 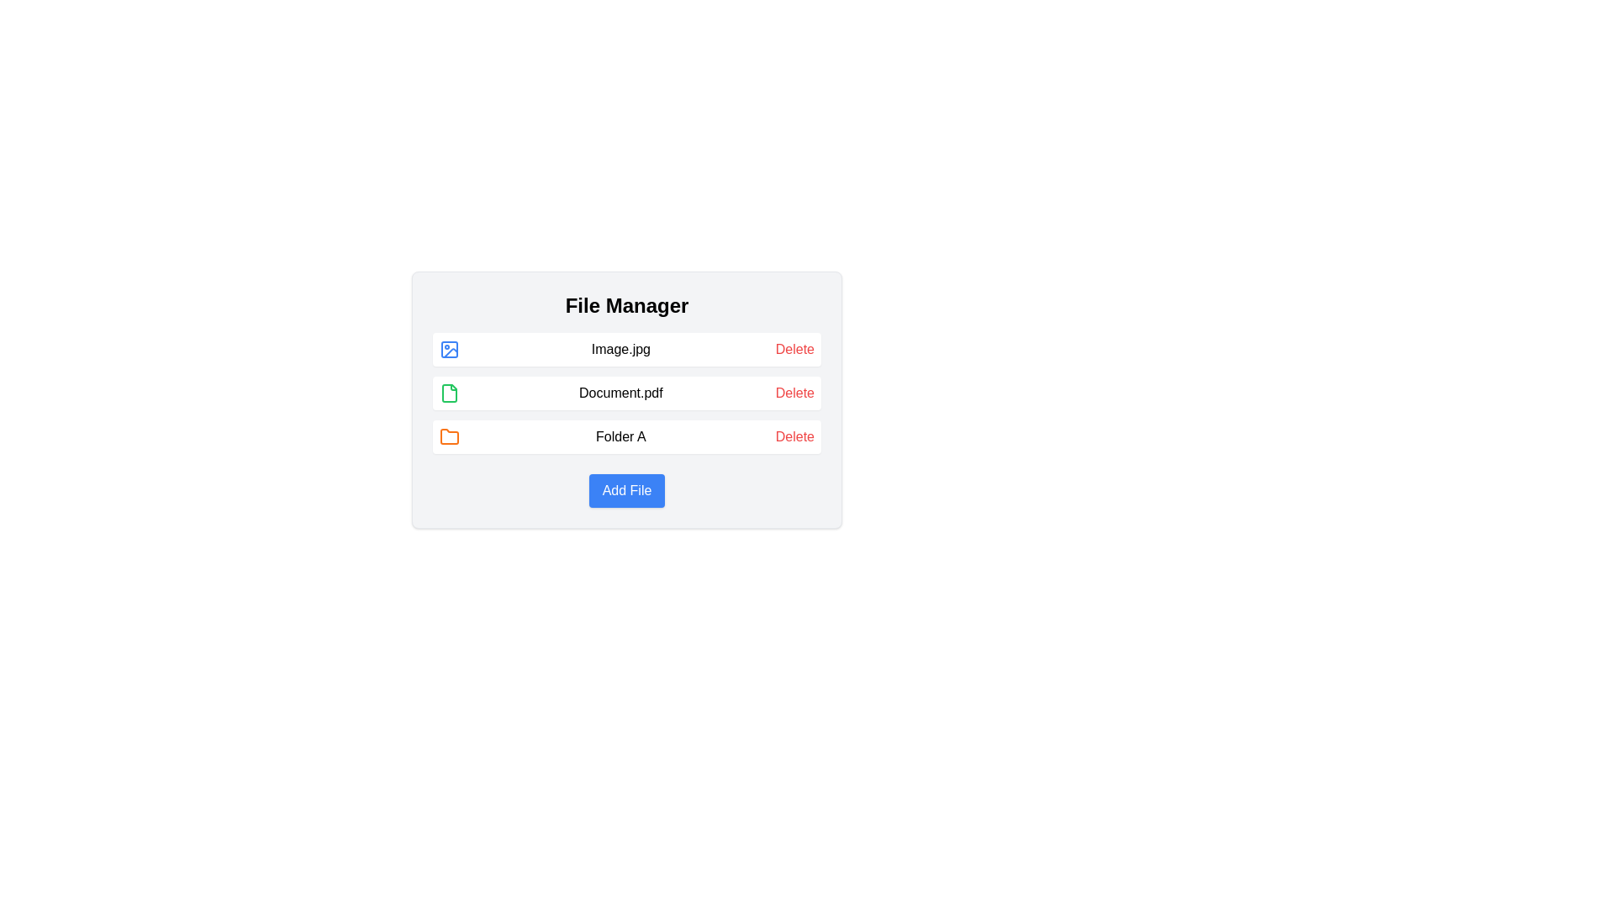 What do you see at coordinates (794, 349) in the screenshot?
I see `the red-colored text link labeled 'Delete'` at bounding box center [794, 349].